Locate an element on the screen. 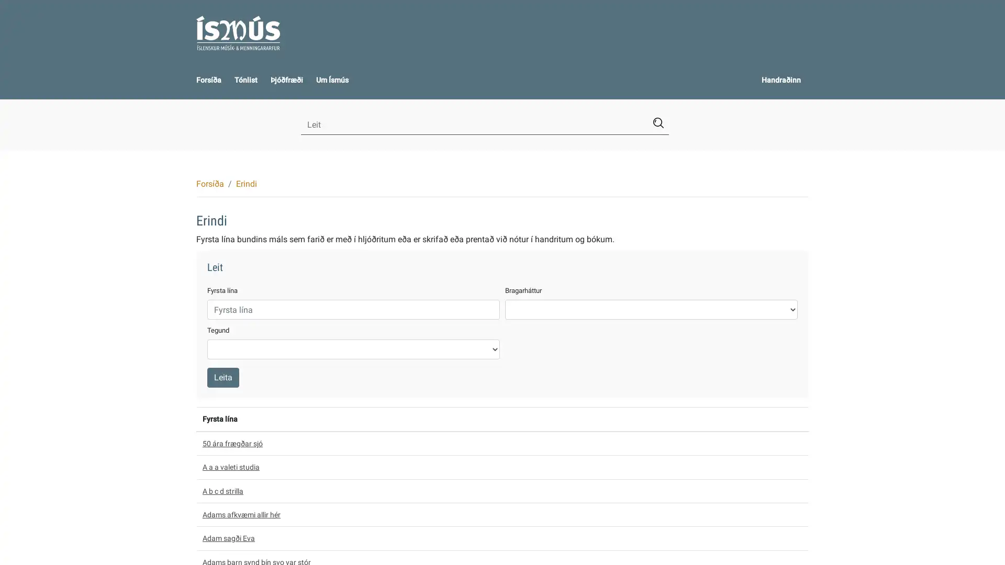  Leita is located at coordinates (222, 377).